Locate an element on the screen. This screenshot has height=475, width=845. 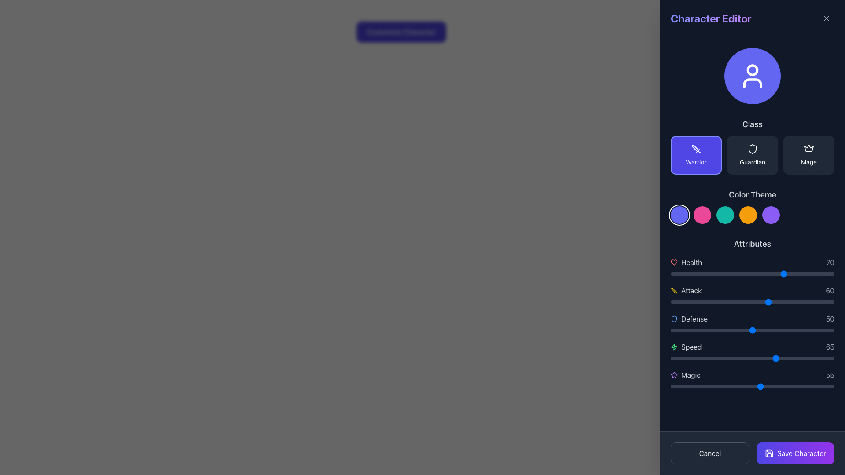
the defense attribute is located at coordinates (783, 330).